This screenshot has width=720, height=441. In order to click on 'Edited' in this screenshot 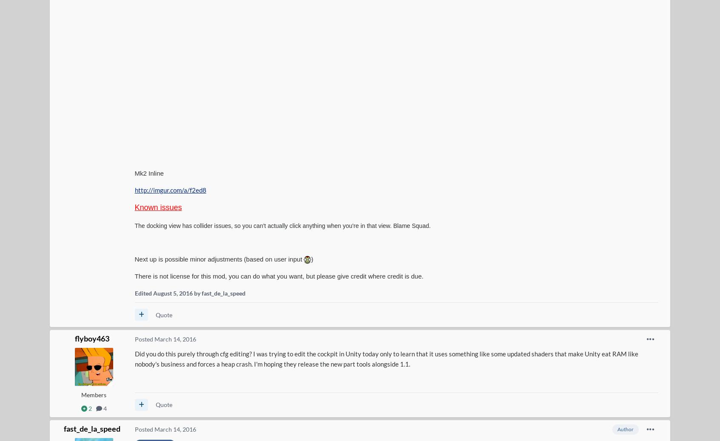, I will do `click(143, 293)`.